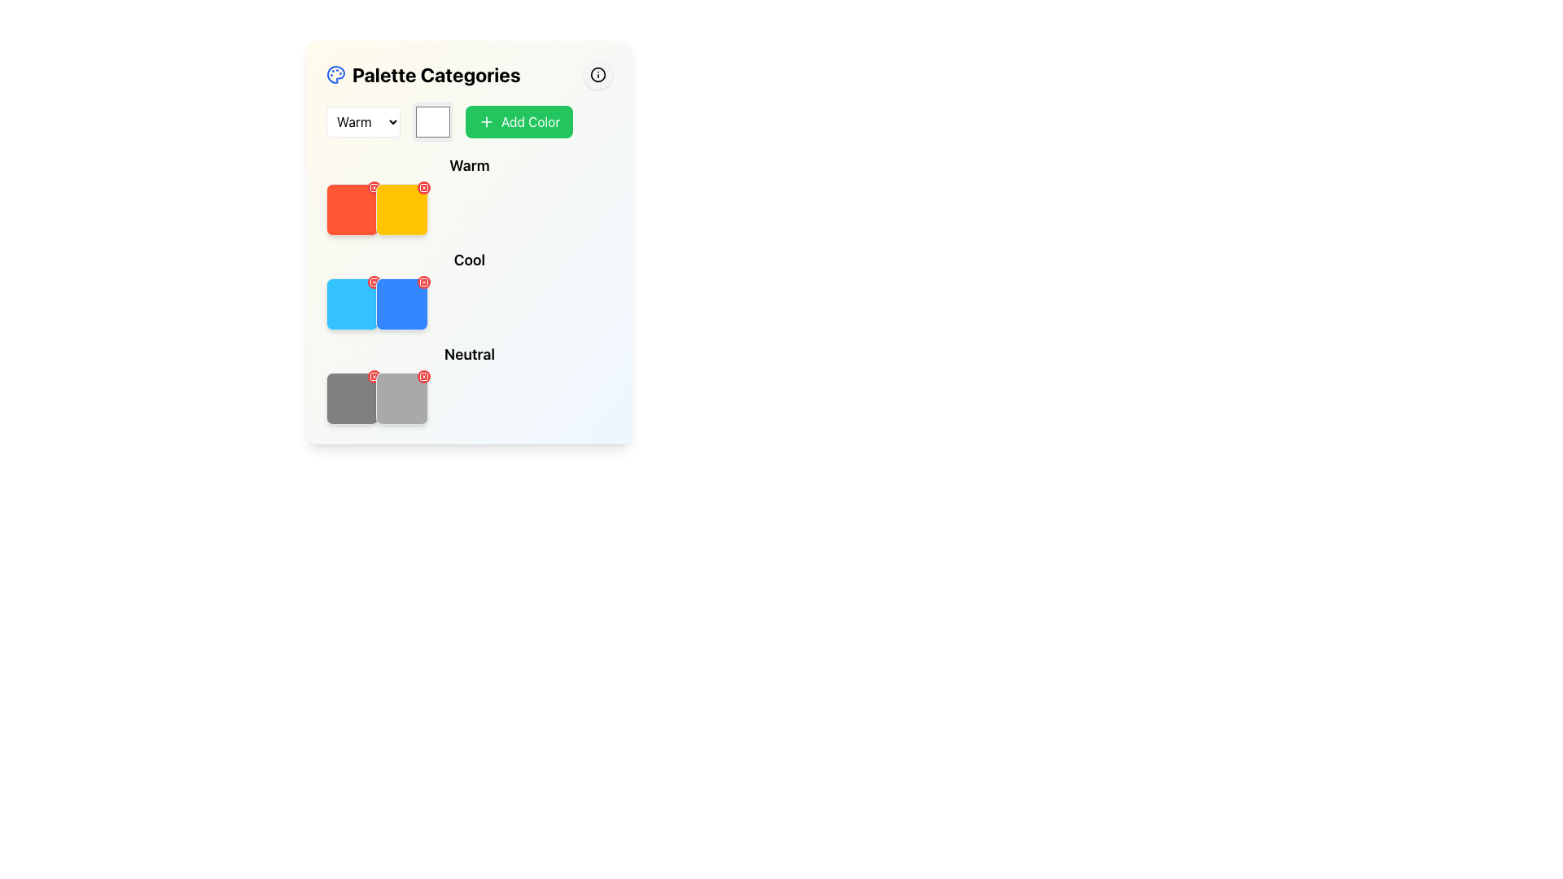  Describe the element at coordinates (597, 75) in the screenshot. I see `the small circular icon with a dark outline and a white center containing an 'i' character, located at the top-right corner of the 'Palette Categories' card` at that location.